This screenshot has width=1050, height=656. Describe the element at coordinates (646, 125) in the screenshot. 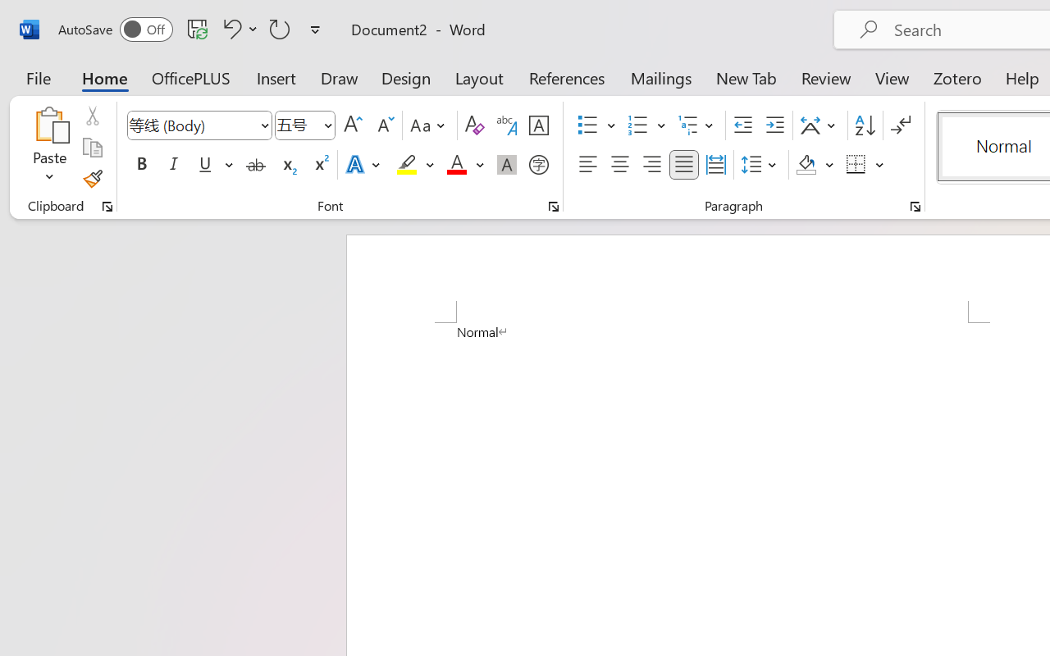

I see `'Numbering'` at that location.